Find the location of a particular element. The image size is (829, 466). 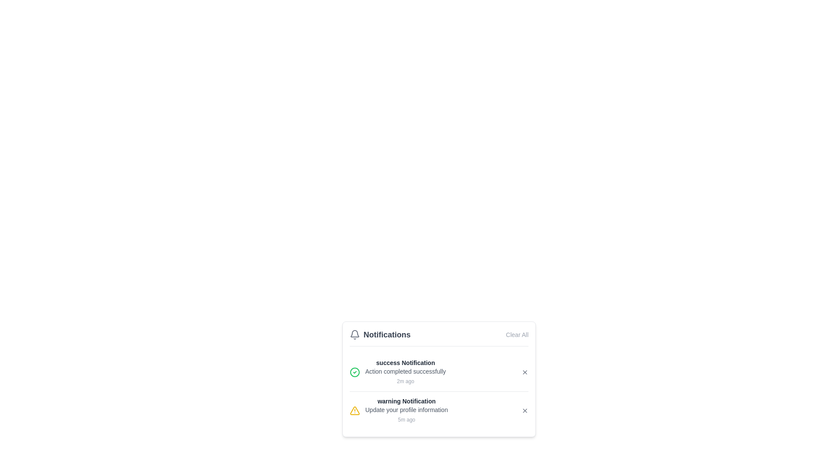

the first notification entry titled 'success Notification' in the notifications panel, which includes a green checkmark icon and an 'X' button for dismissing is located at coordinates (439, 372).